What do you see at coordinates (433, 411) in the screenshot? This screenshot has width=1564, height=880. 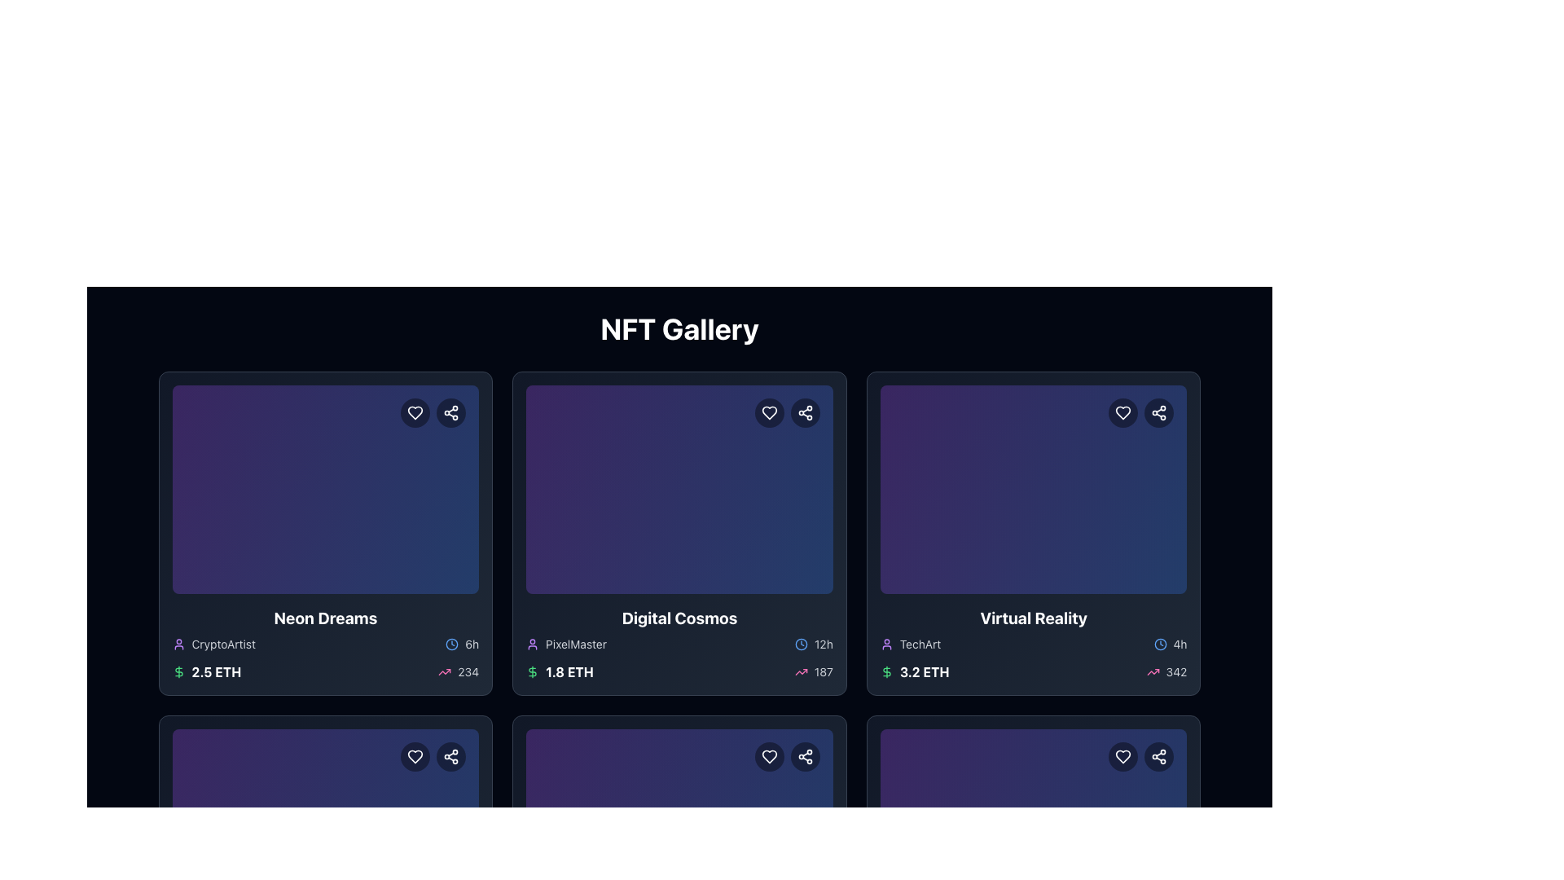 I see `the share button located in the top-right corner of the 'Neon Dreams' card, which is the second button in a row of two circular buttons` at bounding box center [433, 411].